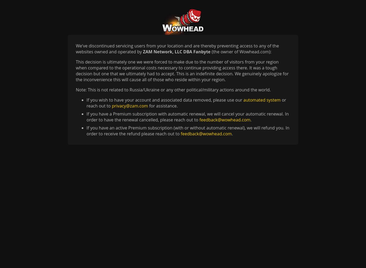 The width and height of the screenshot is (366, 268). I want to click on 'automated system', so click(243, 100).